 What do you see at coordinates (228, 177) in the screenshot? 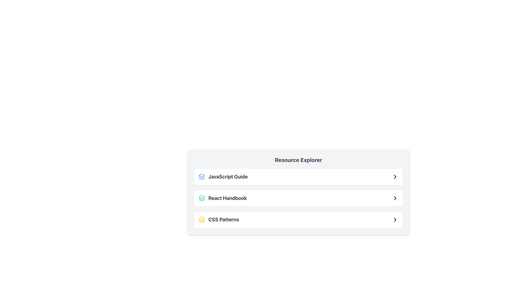
I see `the text label that serves as a navigation option related to the JavaScript guide` at bounding box center [228, 177].